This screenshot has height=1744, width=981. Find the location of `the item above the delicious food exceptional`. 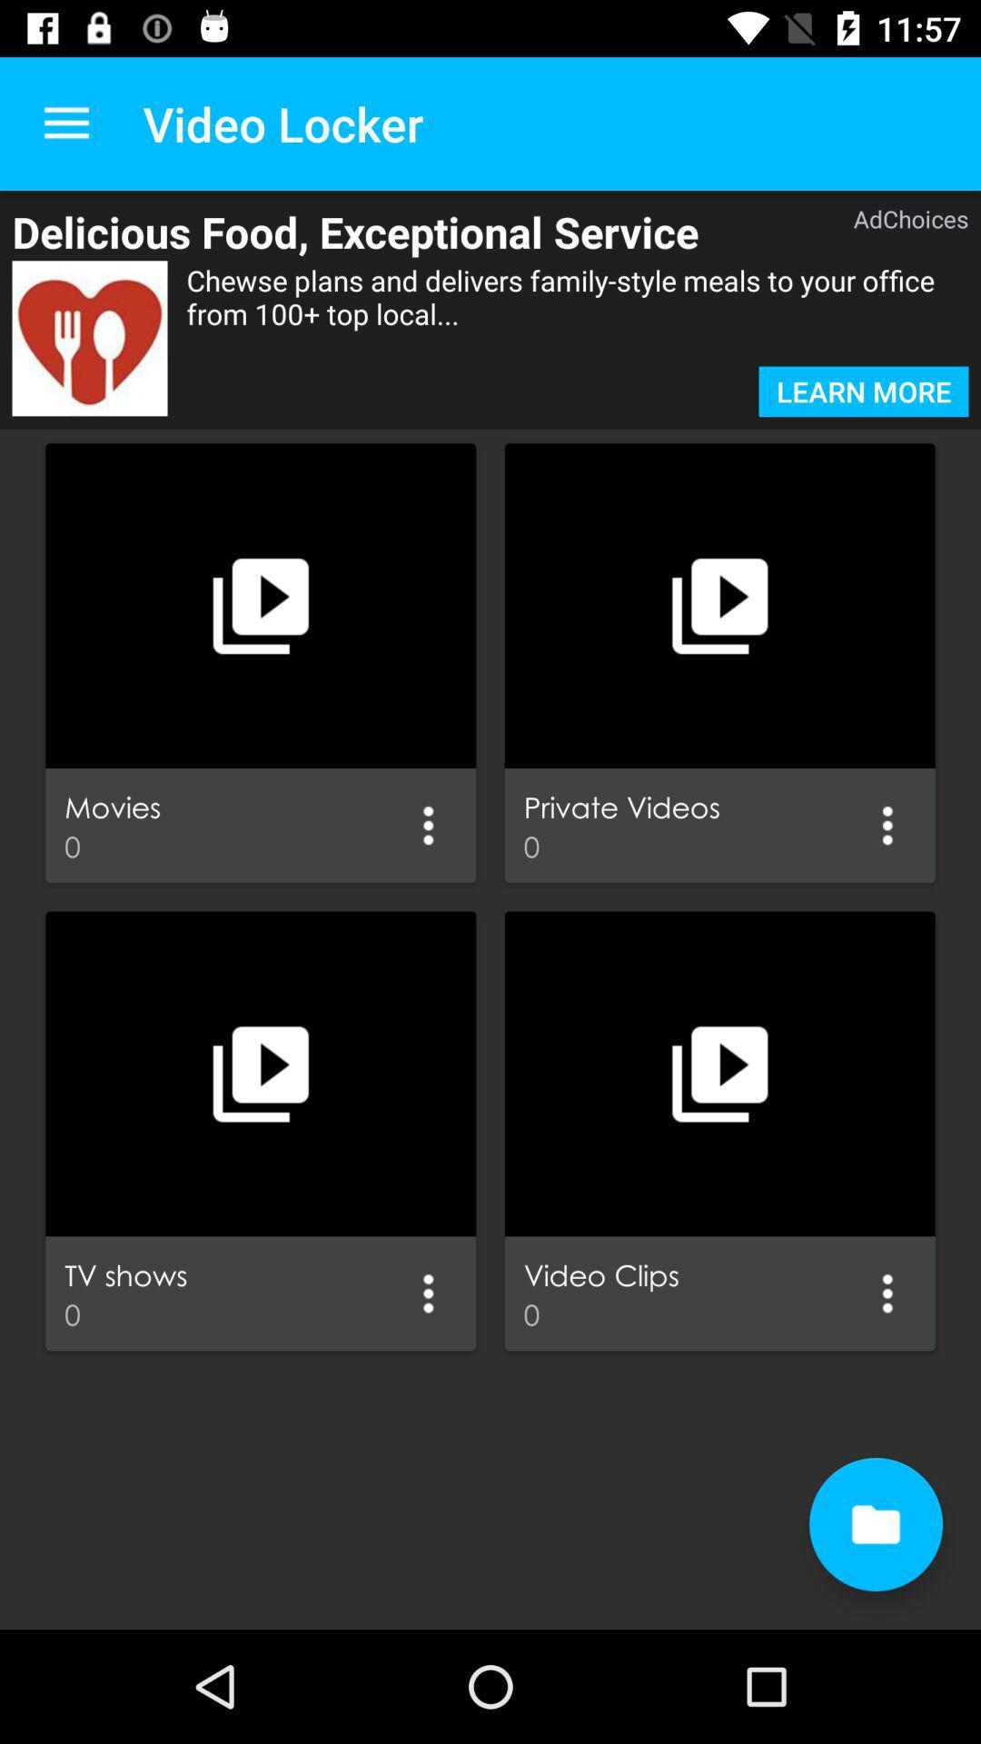

the item above the delicious food exceptional is located at coordinates (65, 123).